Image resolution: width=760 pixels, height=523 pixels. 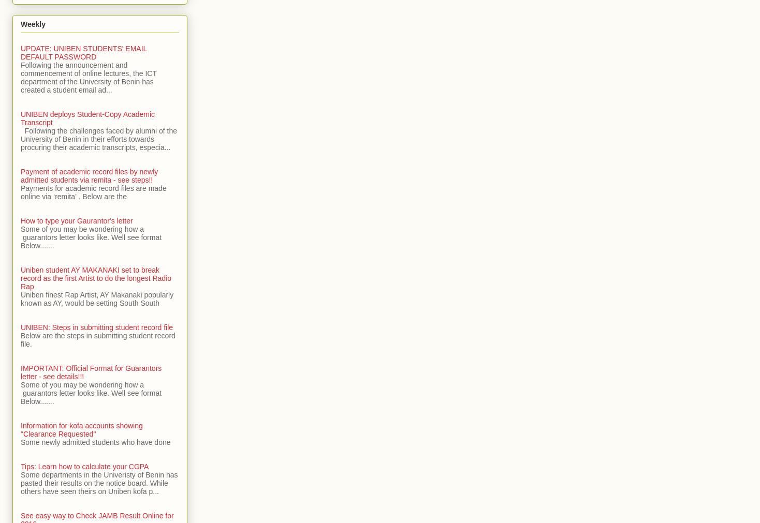 What do you see at coordinates (91, 371) in the screenshot?
I see `'IMPORTANT: Official Format for Guarantors letter - see details!!!'` at bounding box center [91, 371].